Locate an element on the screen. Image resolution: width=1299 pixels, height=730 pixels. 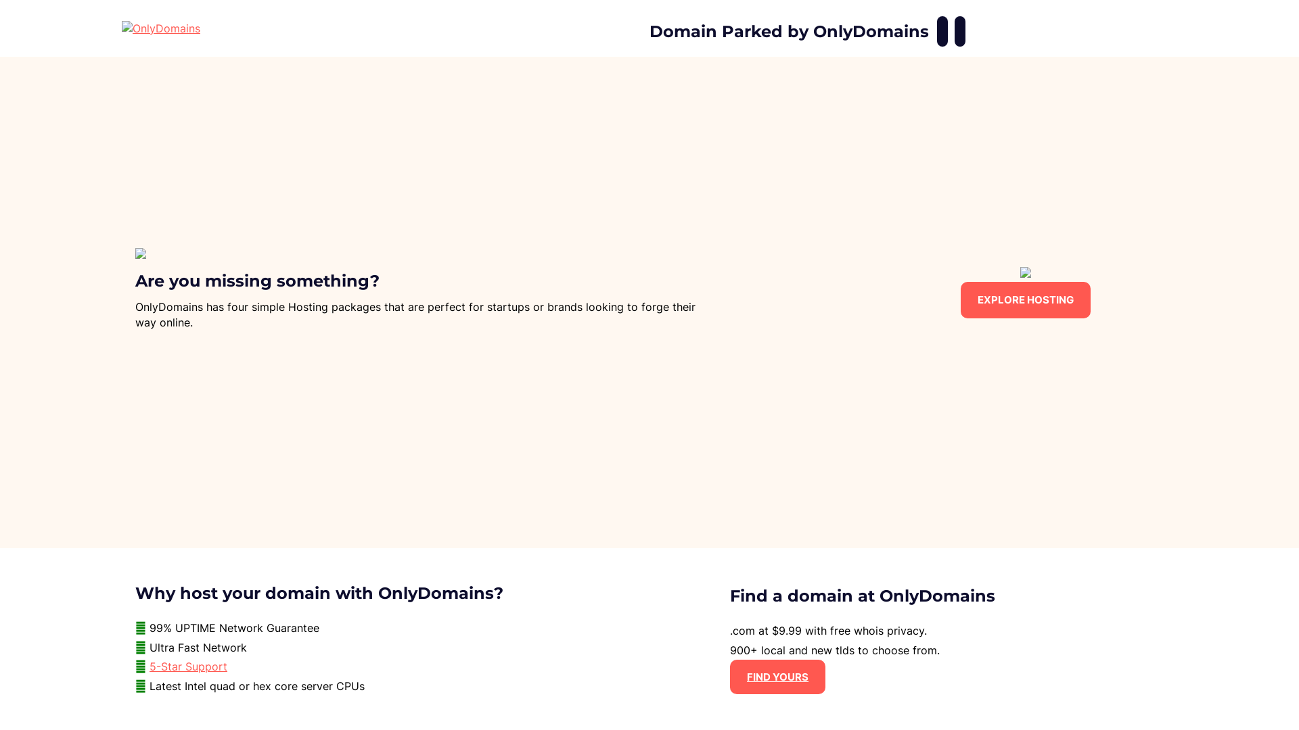
'5-Star Support' is located at coordinates (149, 666).